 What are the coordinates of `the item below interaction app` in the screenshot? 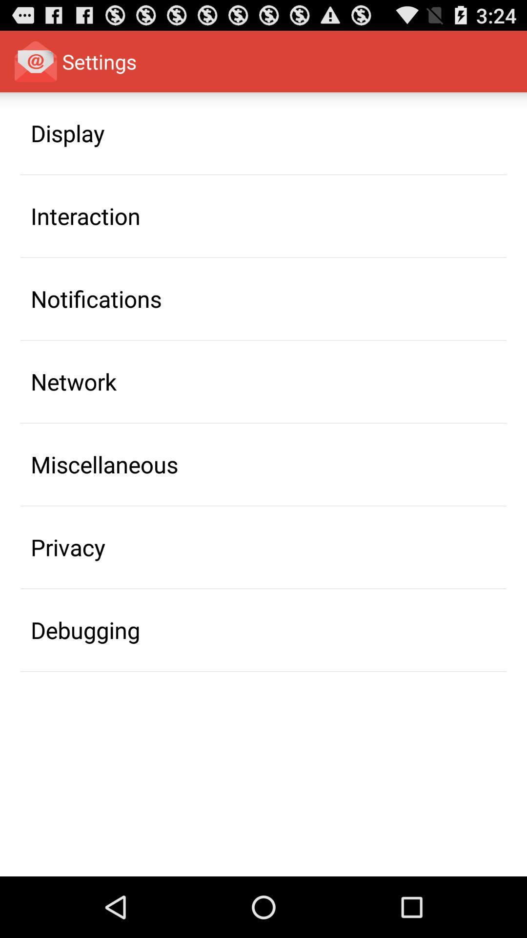 It's located at (96, 298).